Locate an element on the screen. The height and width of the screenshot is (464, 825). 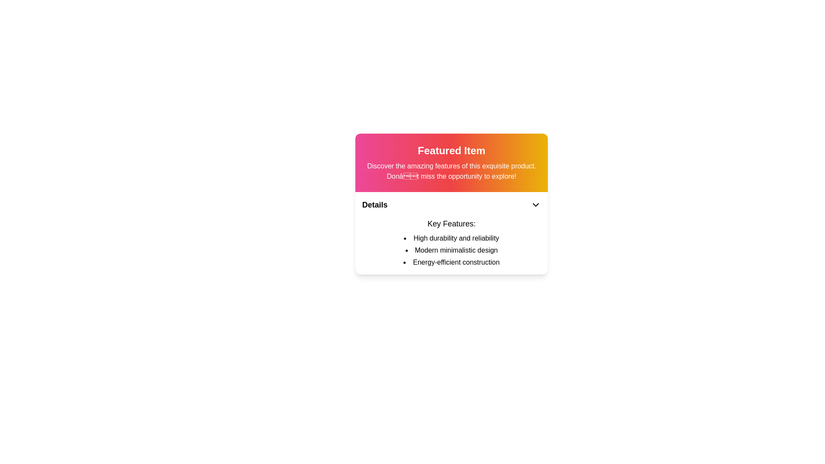
the text element that highlights 'Modern minimalistic design' in the bulleted list of key features under the 'Featured Item' section is located at coordinates (451, 250).